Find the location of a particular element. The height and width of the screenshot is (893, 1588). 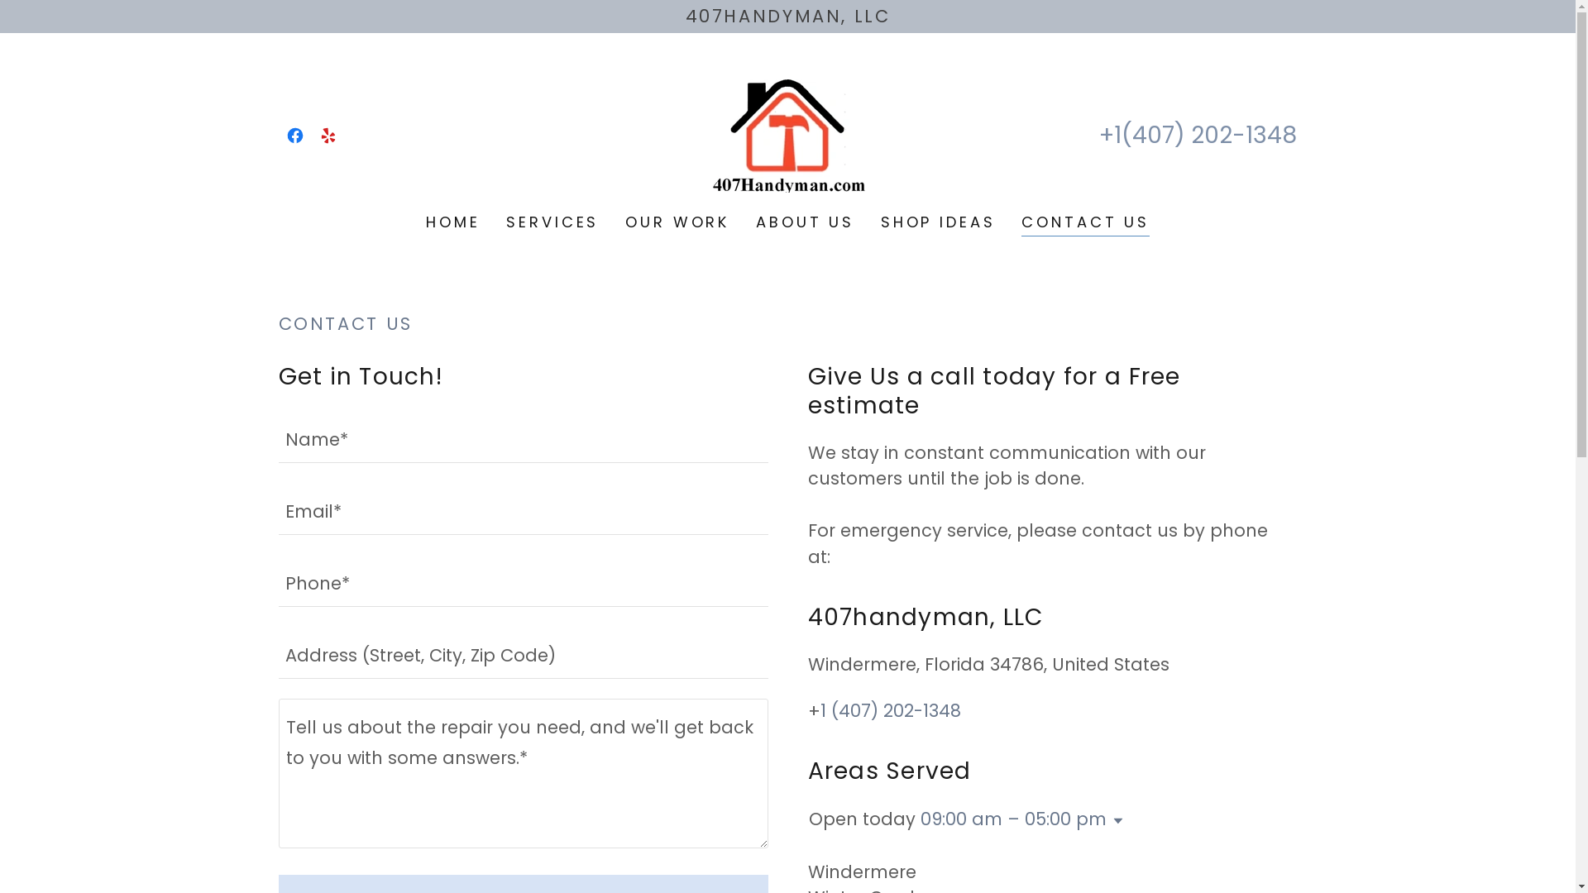

'407HANDYMAN, LLC' is located at coordinates (787, 16).